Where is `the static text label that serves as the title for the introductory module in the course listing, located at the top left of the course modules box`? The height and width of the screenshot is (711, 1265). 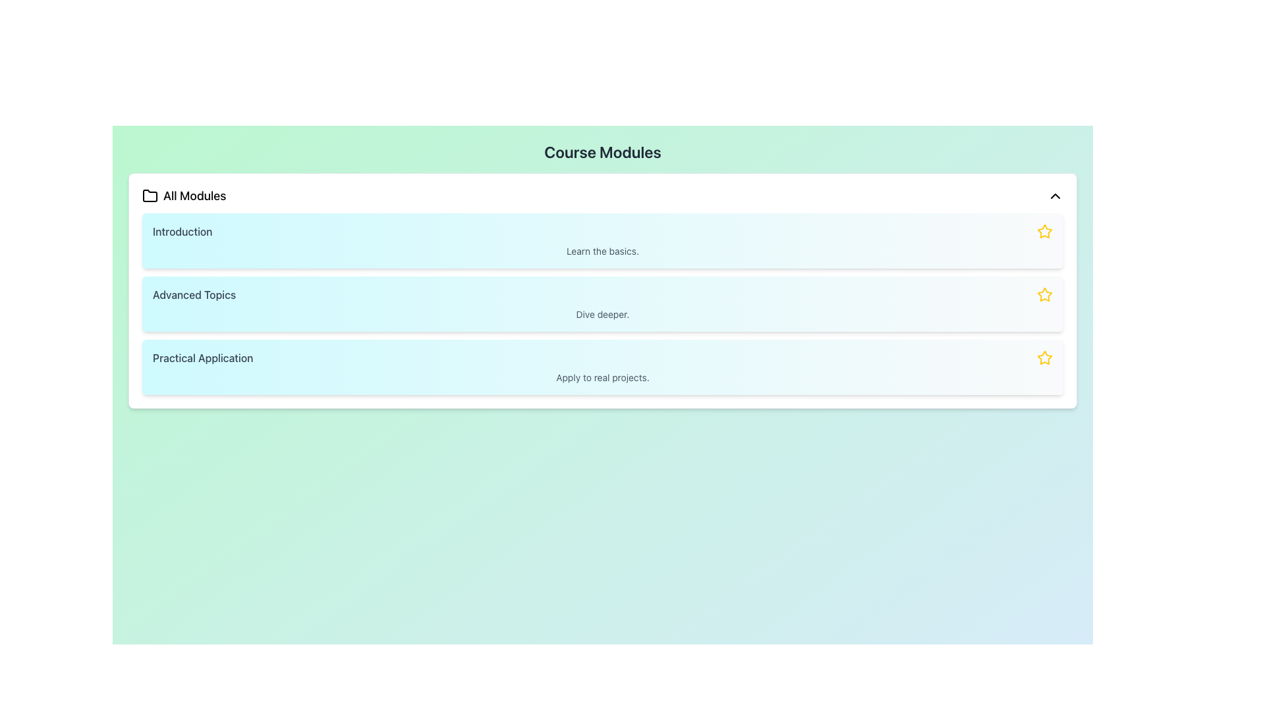
the static text label that serves as the title for the introductory module in the course listing, located at the top left of the course modules box is located at coordinates (182, 230).